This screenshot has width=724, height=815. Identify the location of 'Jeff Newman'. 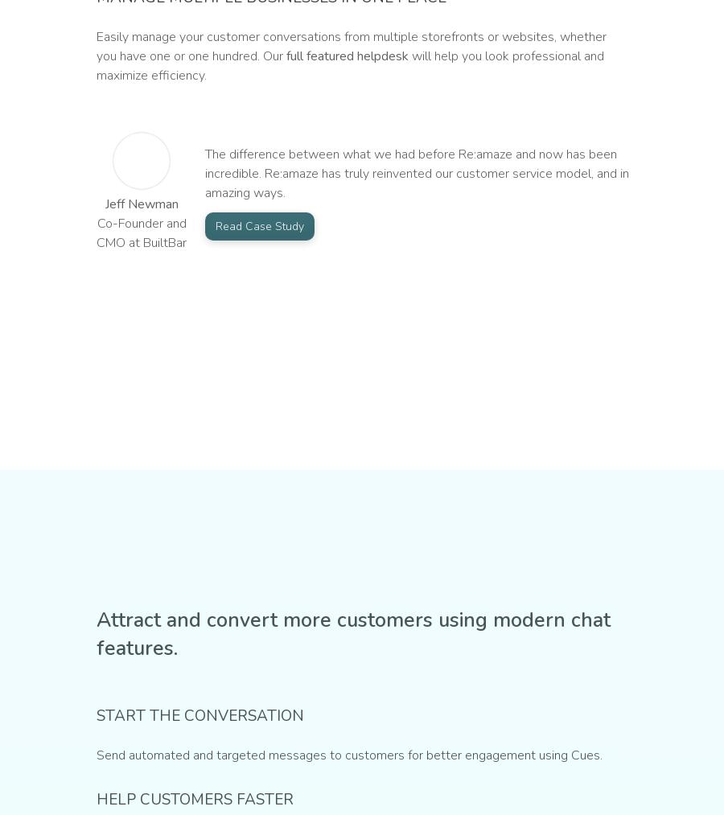
(104, 203).